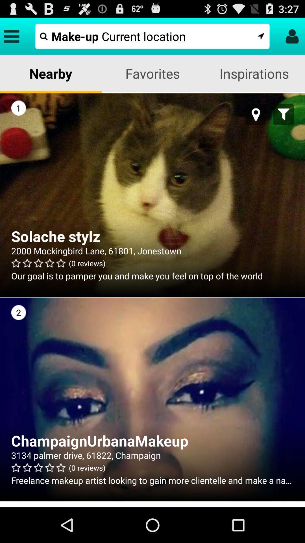  What do you see at coordinates (152, 73) in the screenshot?
I see `the favorites item` at bounding box center [152, 73].